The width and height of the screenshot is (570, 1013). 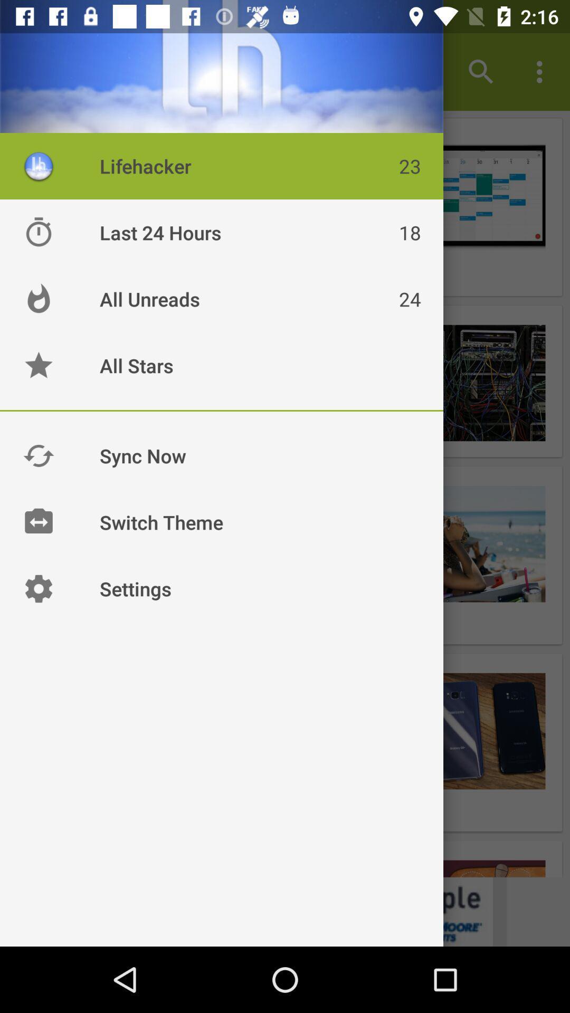 I want to click on the timer icon, so click(x=38, y=232).